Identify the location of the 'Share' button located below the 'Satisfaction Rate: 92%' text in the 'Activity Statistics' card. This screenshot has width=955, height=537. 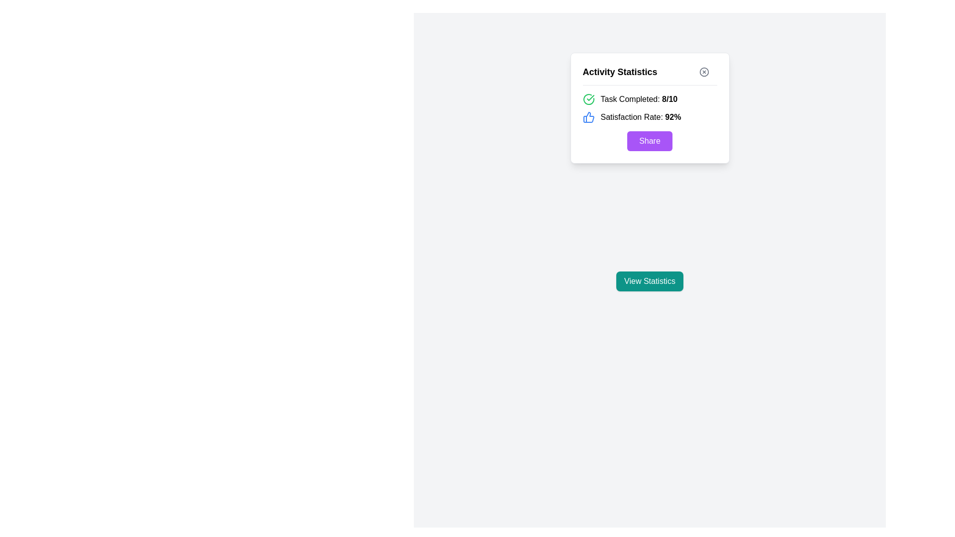
(650, 141).